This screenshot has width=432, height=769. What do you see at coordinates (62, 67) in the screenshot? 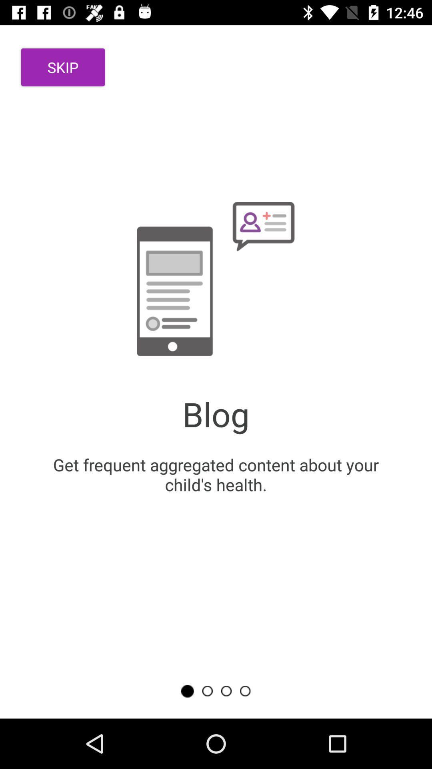
I see `the icon above the get frequent aggregated item` at bounding box center [62, 67].